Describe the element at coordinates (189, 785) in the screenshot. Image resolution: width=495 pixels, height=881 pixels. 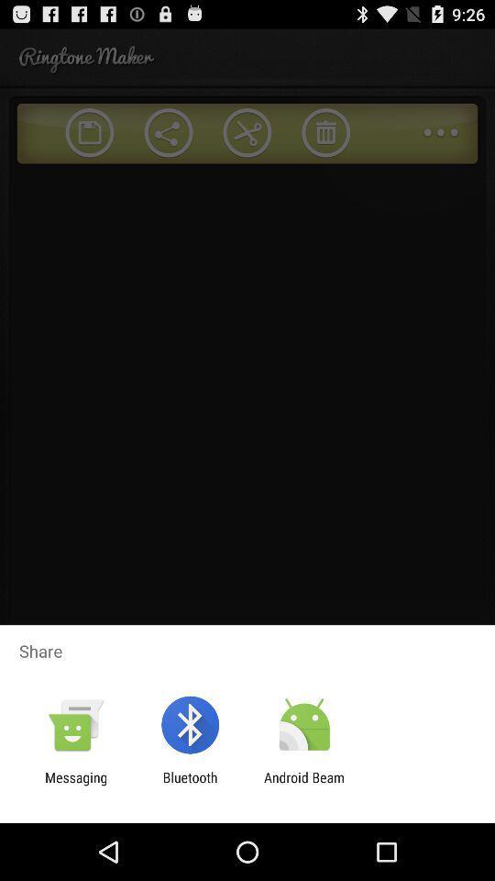
I see `app to the right of messaging item` at that location.